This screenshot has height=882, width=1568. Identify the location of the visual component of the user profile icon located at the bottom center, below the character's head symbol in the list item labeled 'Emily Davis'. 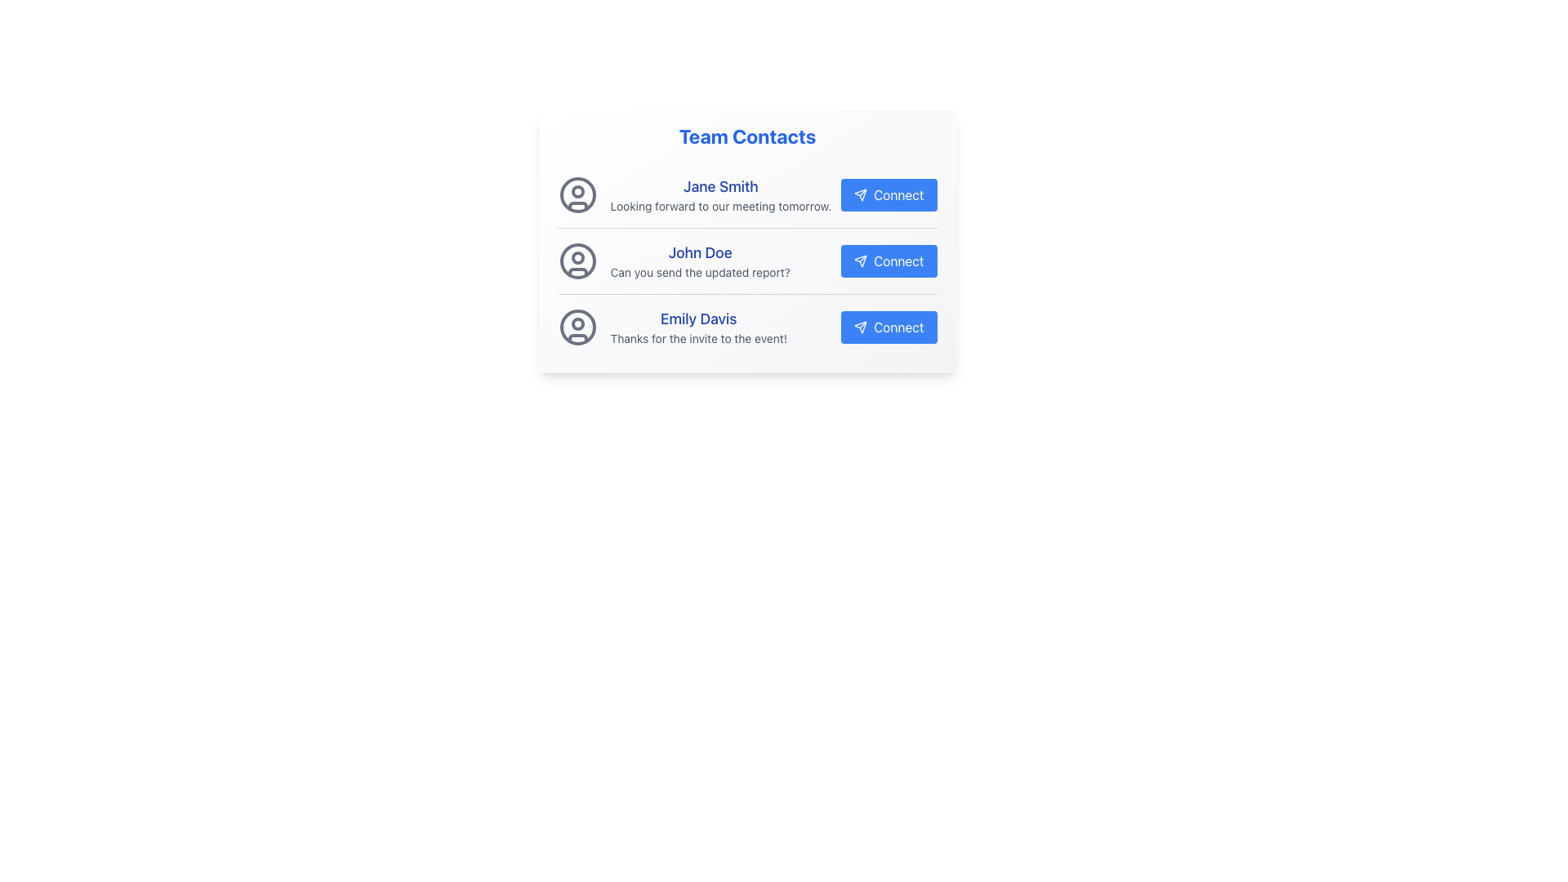
(577, 337).